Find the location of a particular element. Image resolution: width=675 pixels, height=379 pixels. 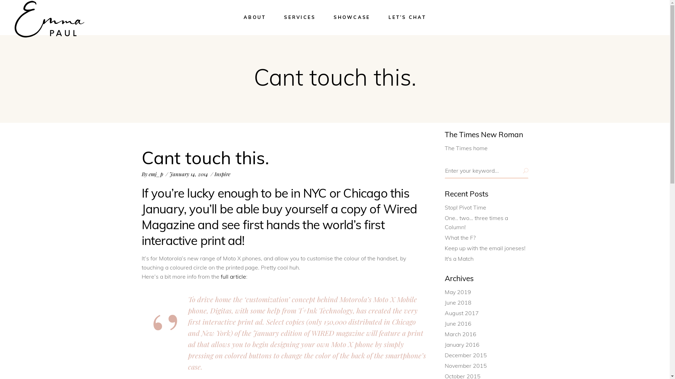

'May 2019' is located at coordinates (444, 292).